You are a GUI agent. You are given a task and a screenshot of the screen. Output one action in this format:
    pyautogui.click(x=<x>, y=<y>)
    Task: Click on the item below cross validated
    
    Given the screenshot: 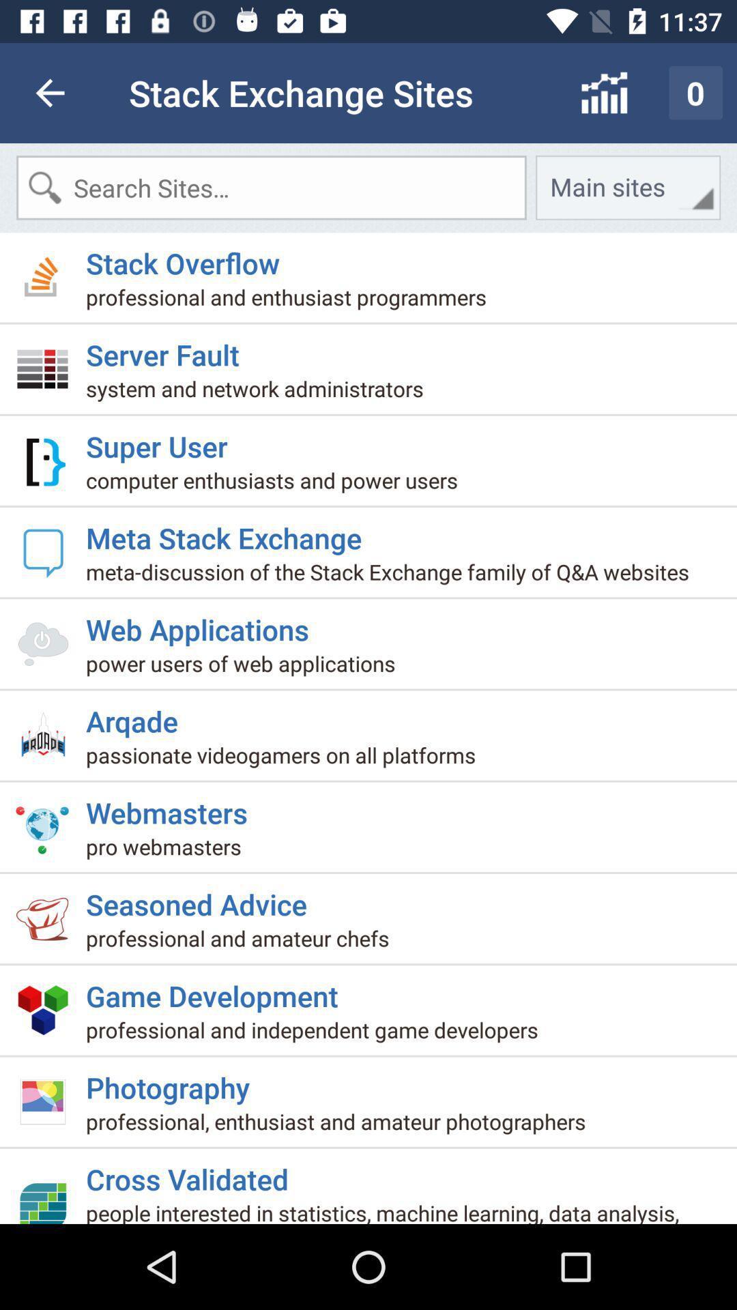 What is the action you would take?
    pyautogui.click(x=410, y=1211)
    